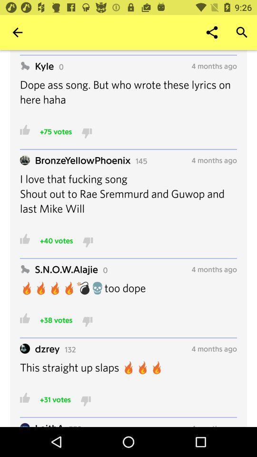  Describe the element at coordinates (56, 131) in the screenshot. I see `the +75 votes` at that location.